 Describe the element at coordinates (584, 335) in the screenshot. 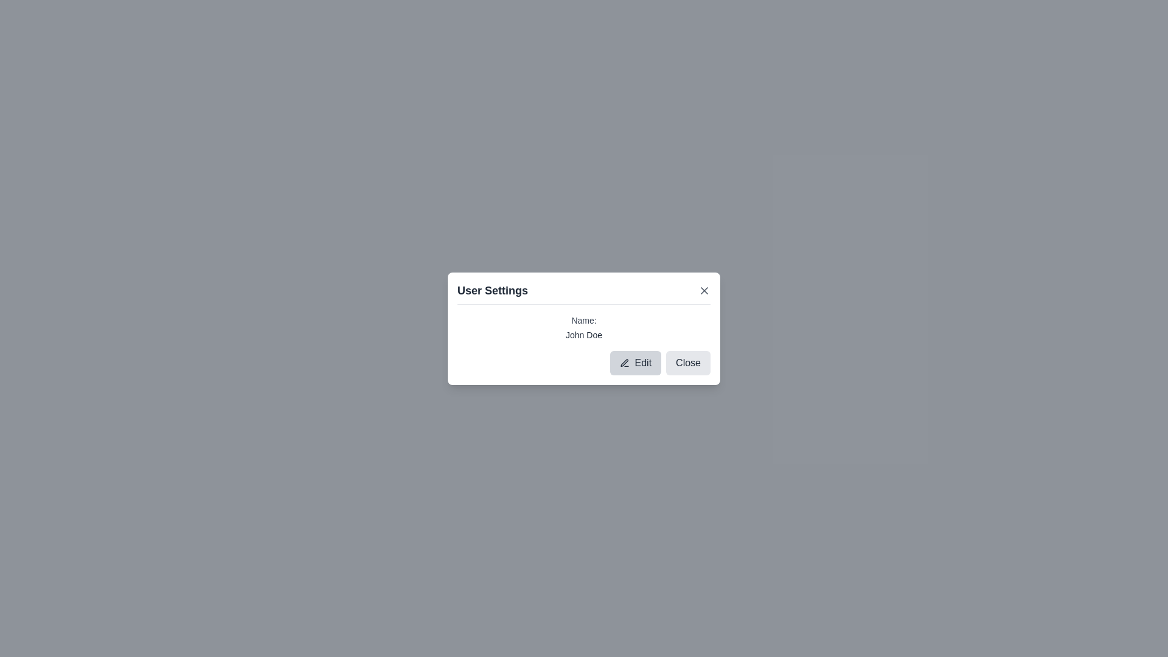

I see `the text display field showing the name 'John Doe' located below 'Name:' in the 'User Settings' modal` at that location.